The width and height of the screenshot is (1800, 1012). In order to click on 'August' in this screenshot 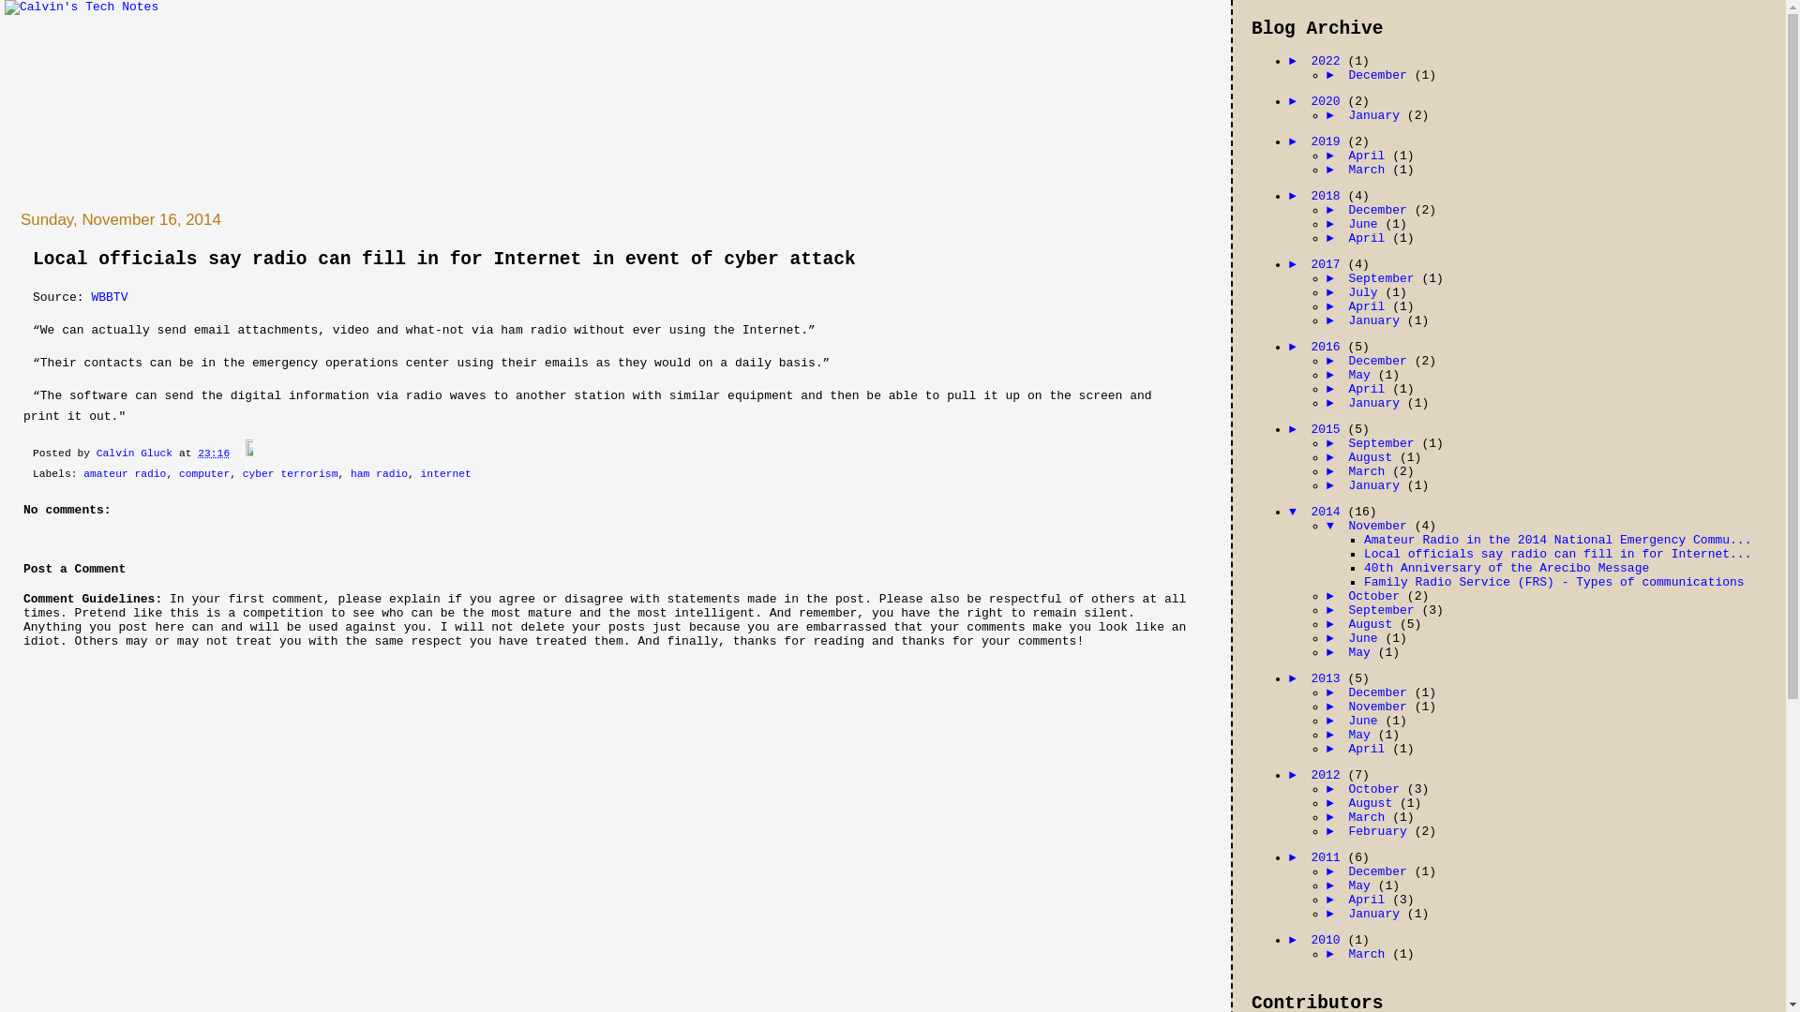, I will do `click(1373, 802)`.